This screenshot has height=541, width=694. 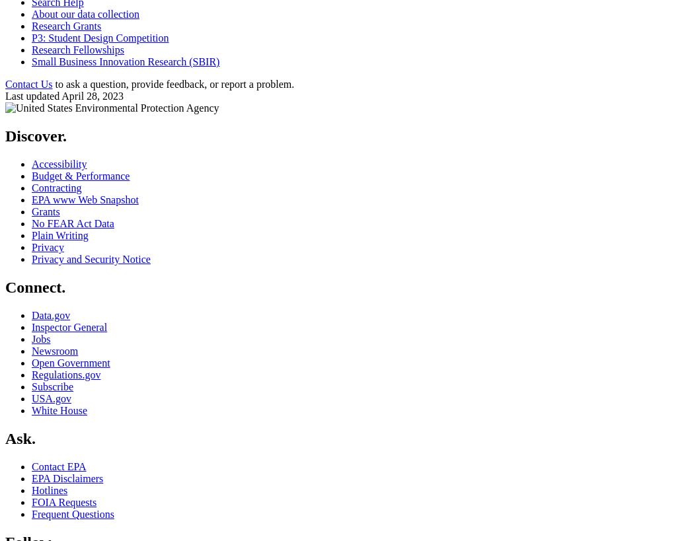 What do you see at coordinates (40, 338) in the screenshot?
I see `'Jobs'` at bounding box center [40, 338].